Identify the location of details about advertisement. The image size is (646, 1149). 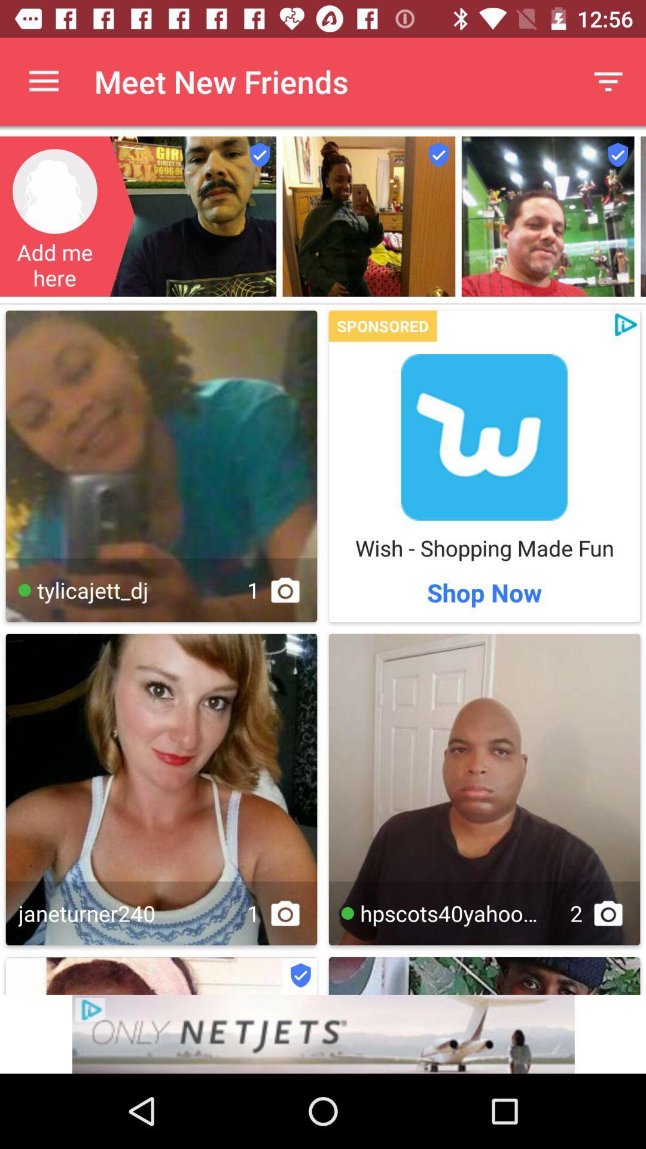
(323, 1034).